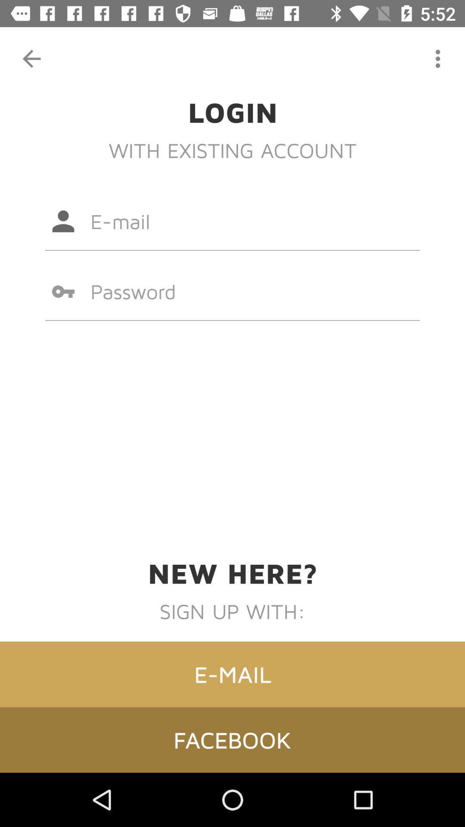 The height and width of the screenshot is (827, 465). Describe the element at coordinates (232, 739) in the screenshot. I see `the facebook` at that location.